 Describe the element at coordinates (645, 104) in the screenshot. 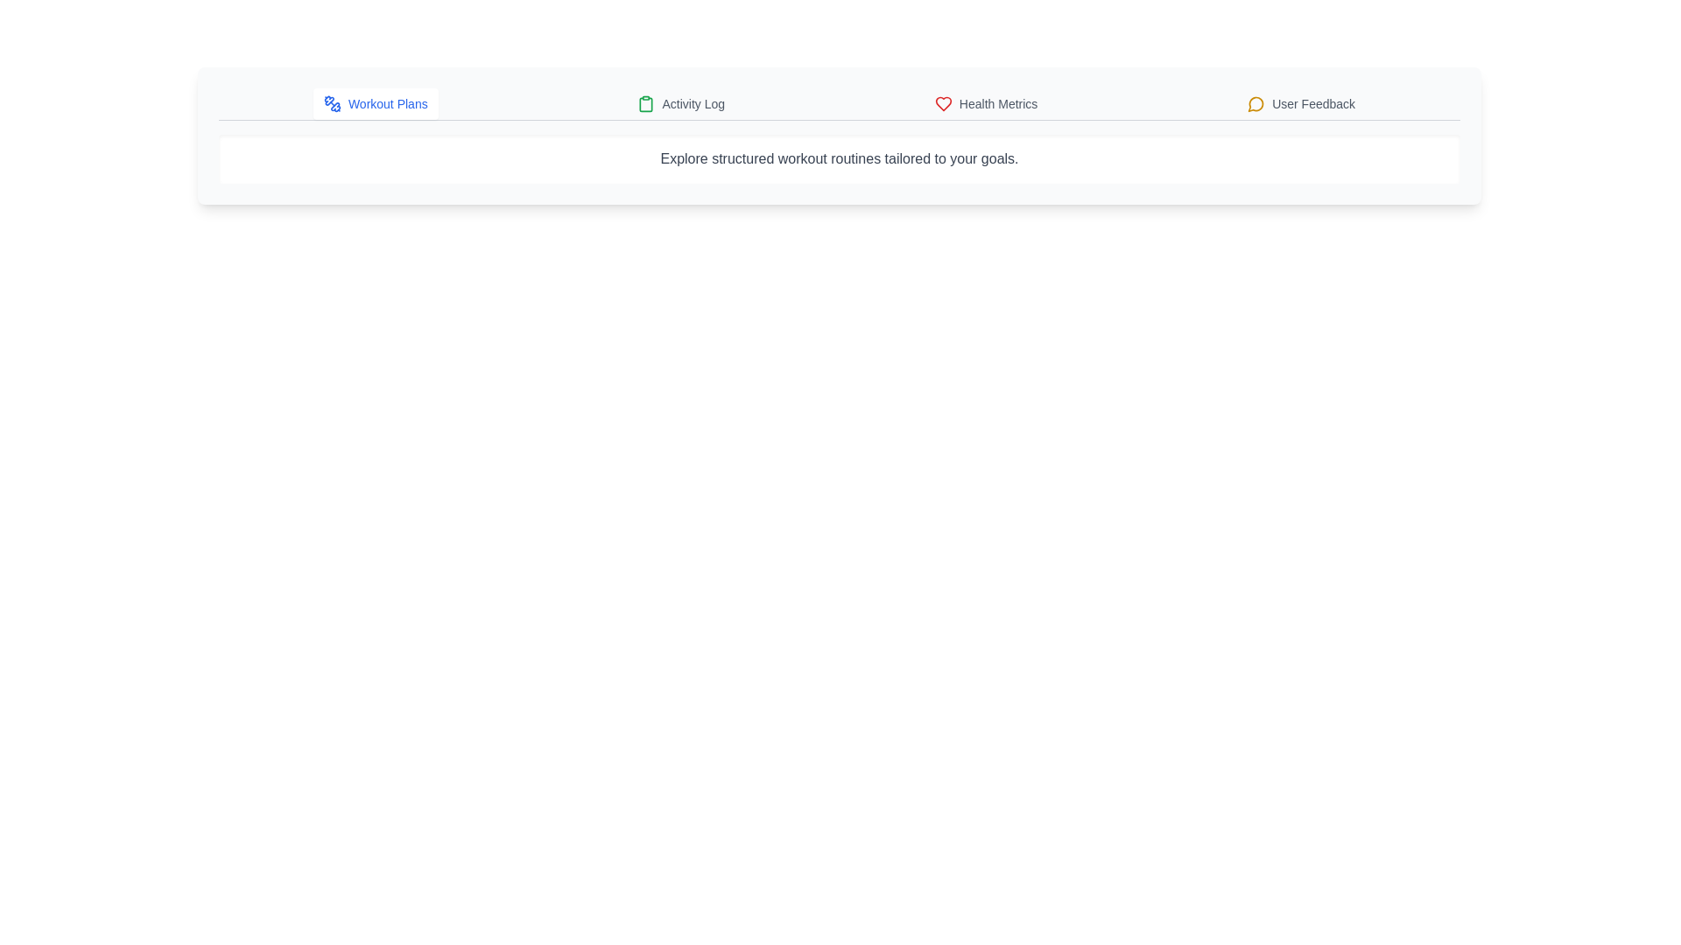

I see `the clipboard icon representing the 'Activity Log' feature, which is located to the left of the text 'Activity Log' in the top navigation bar` at that location.